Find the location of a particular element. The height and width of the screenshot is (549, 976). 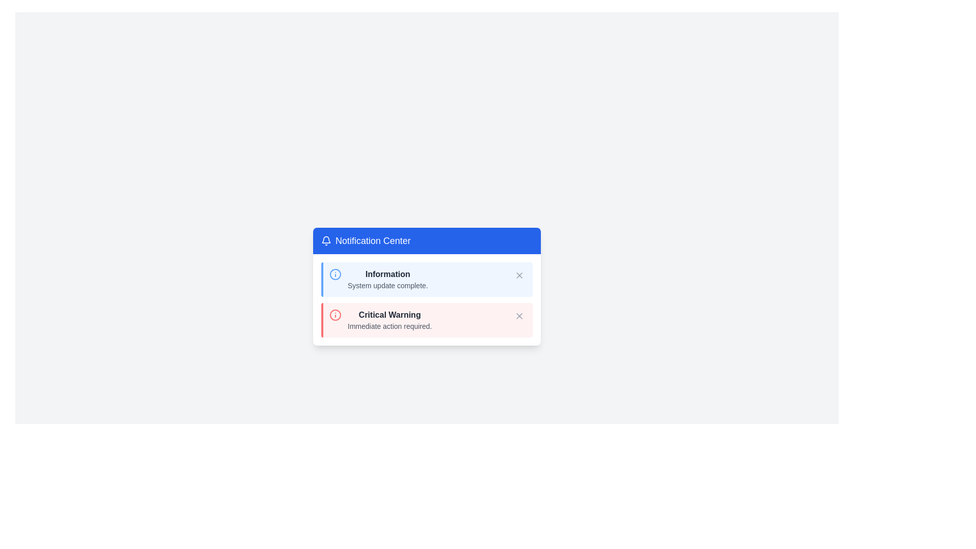

the SVG circle that represents the information category of a notification entry, located at the center of the blue circular information icon in the left area of the top notification entry inside the notification center is located at coordinates (335, 274).